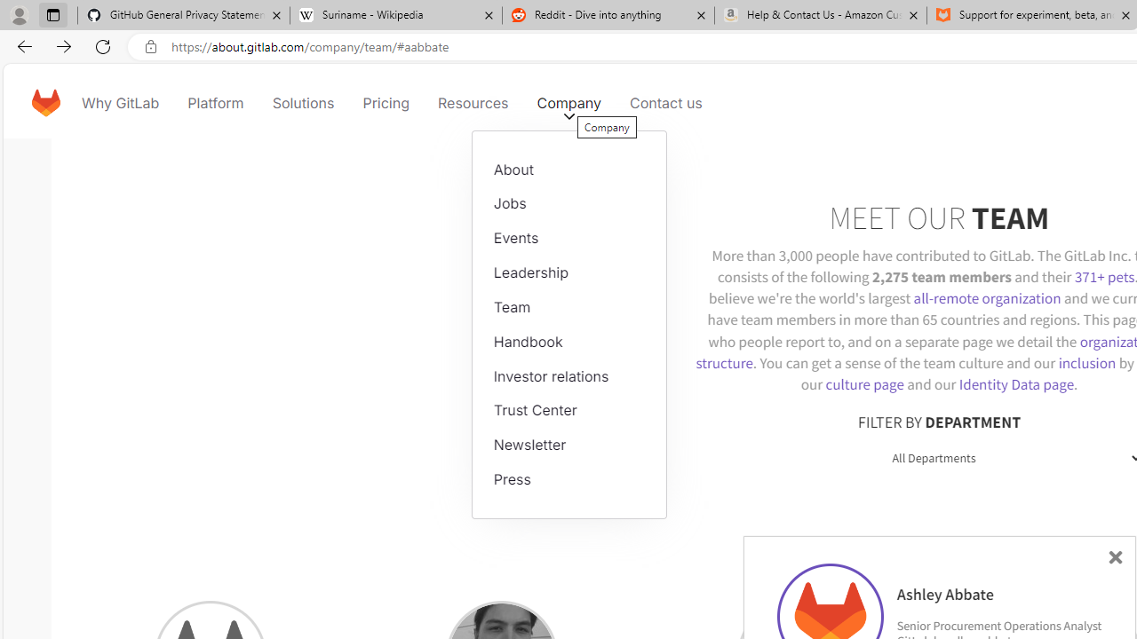 The image size is (1137, 639). Describe the element at coordinates (394, 15) in the screenshot. I see `'Suriname - Wikipedia'` at that location.